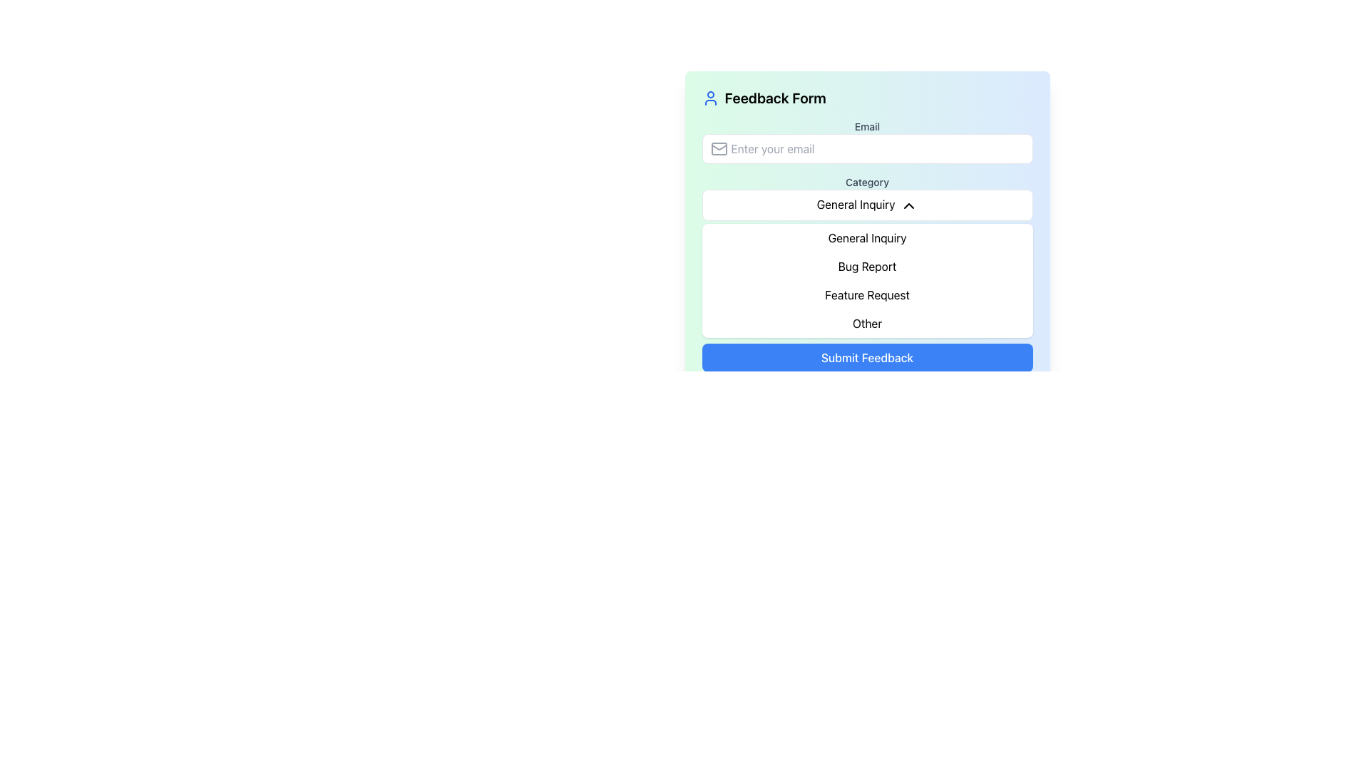  I want to click on the first option 'General Inquiry' in the dropdown menu below the 'Category' label, so click(866, 237).